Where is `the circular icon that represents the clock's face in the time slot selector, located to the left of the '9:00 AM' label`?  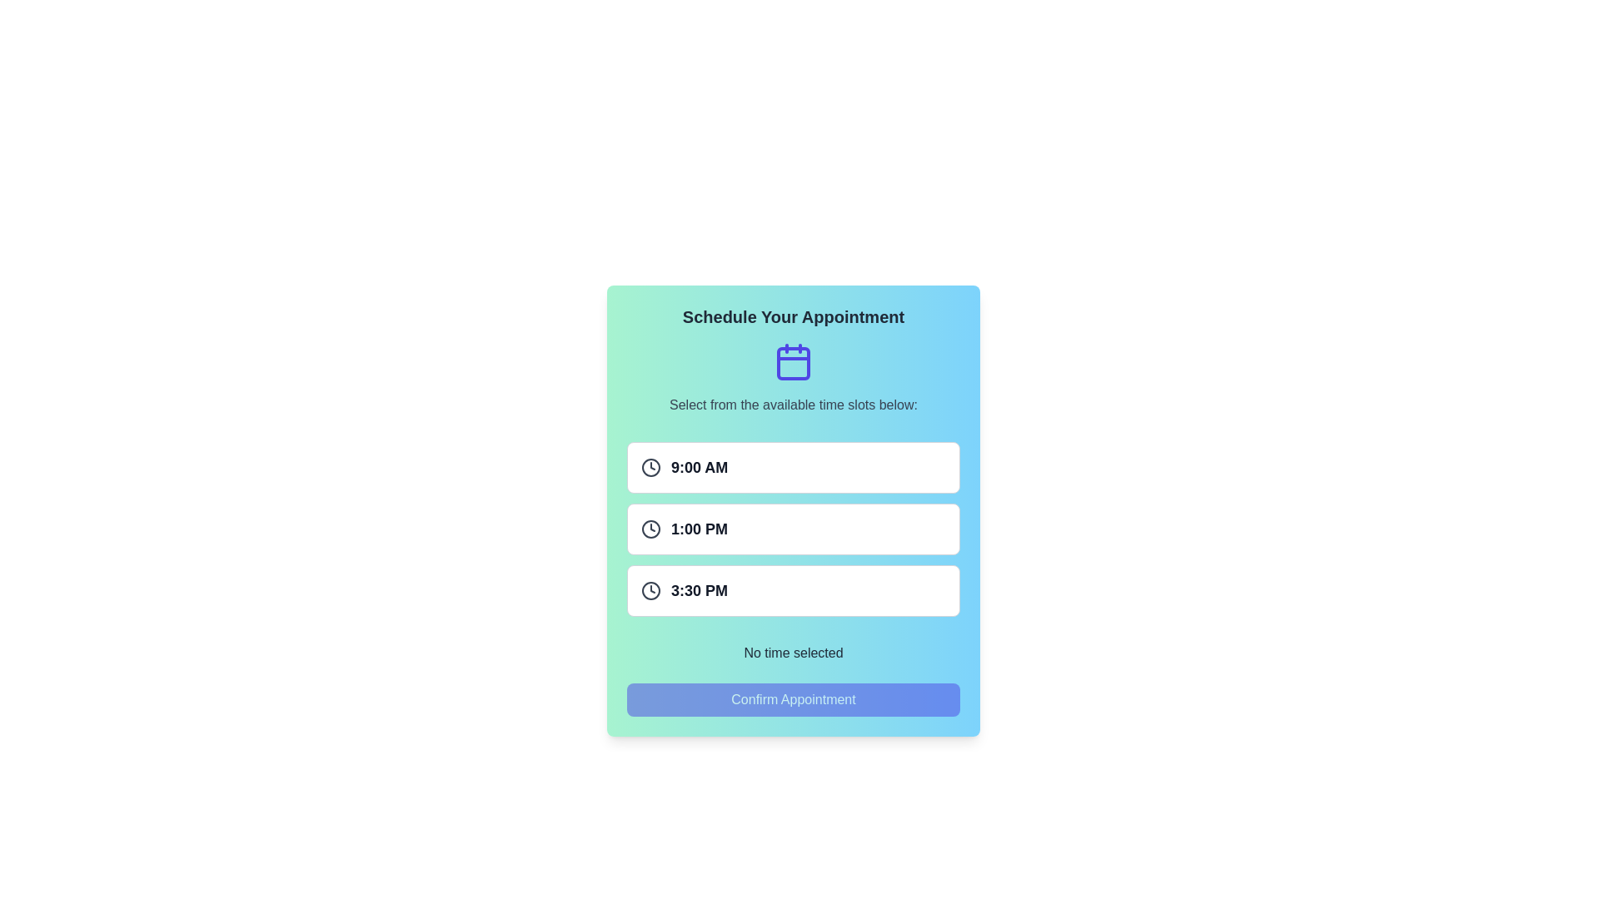
the circular icon that represents the clock's face in the time slot selector, located to the left of the '9:00 AM' label is located at coordinates (650, 468).